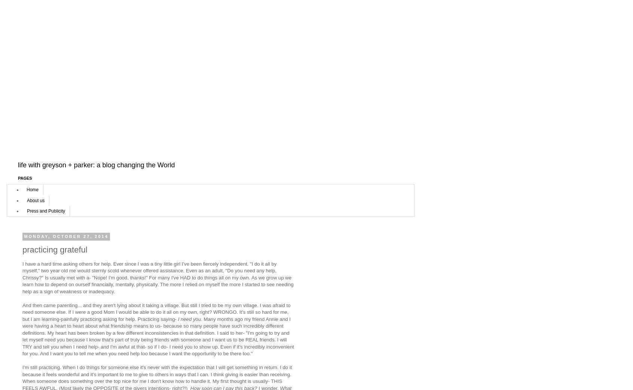 The image size is (633, 390). What do you see at coordinates (158, 336) in the screenshot?
I see `'. Many months ago my friend Annie and I were having a heart to heart about what friendship means to us- because so many people have such incredibly different definitions. My heart has been broken by a few different inconsistencies in that definition. I said to her- "I'm going to try and let myself need you because I know that's part of truly being friends with someone and I want us to be REAL friends. I will TRY and tell you when I need help- and I'm awful at that- so if I do- I need you to show up. Even if it's incredibly inconvenient for you. And I want you to tell me when you need help too because I want the opportunity to be there too."'` at bounding box center [158, 336].